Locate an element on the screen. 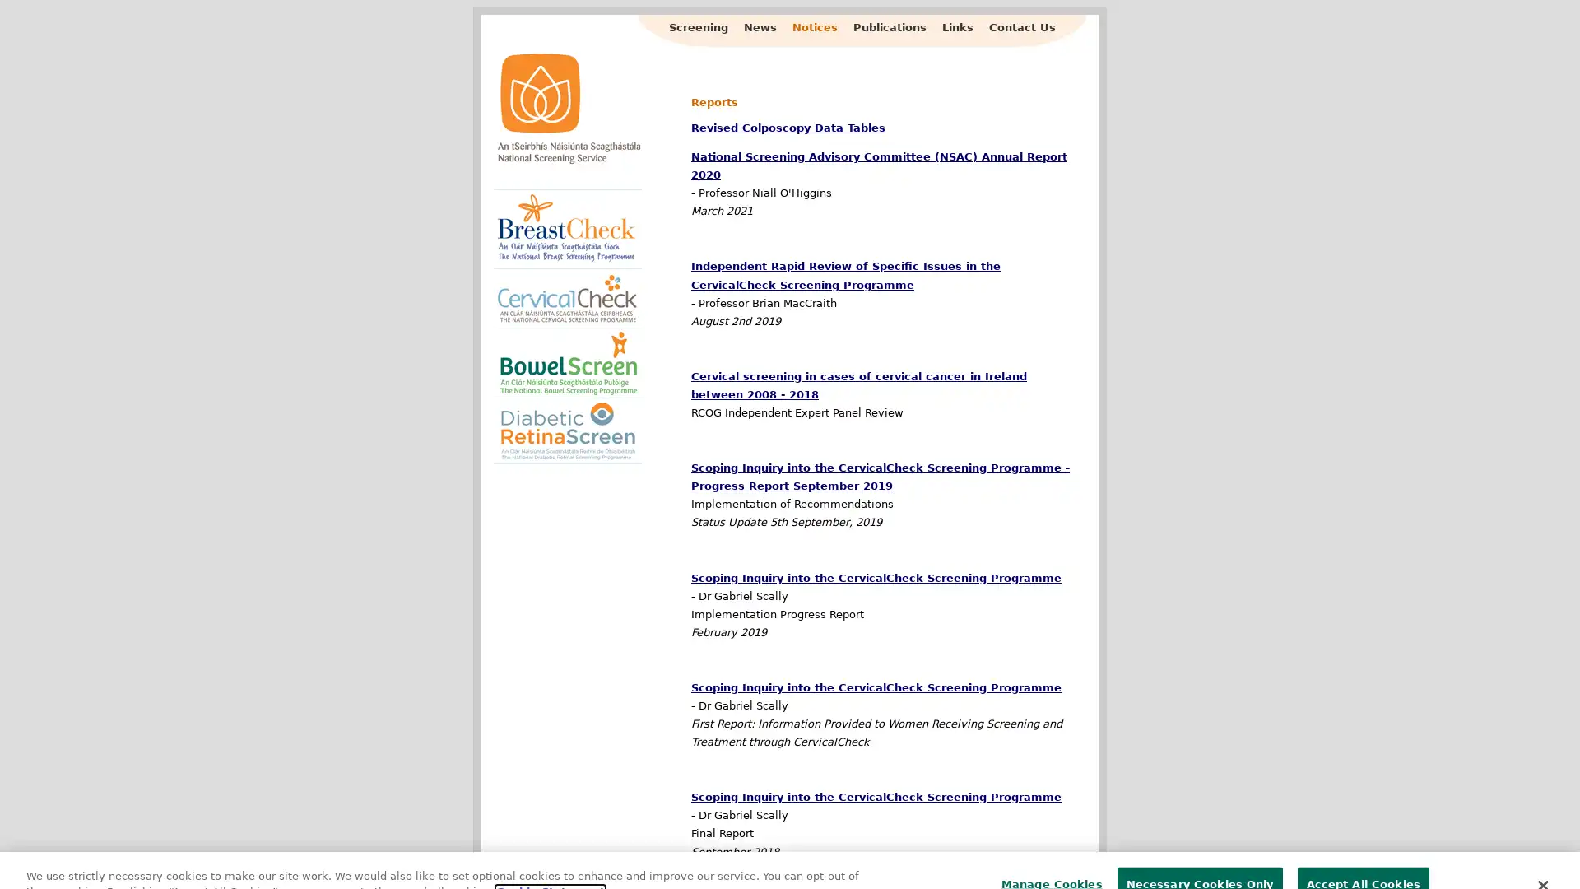 The height and width of the screenshot is (889, 1580). Necessary Cookies Only is located at coordinates (1199, 853).